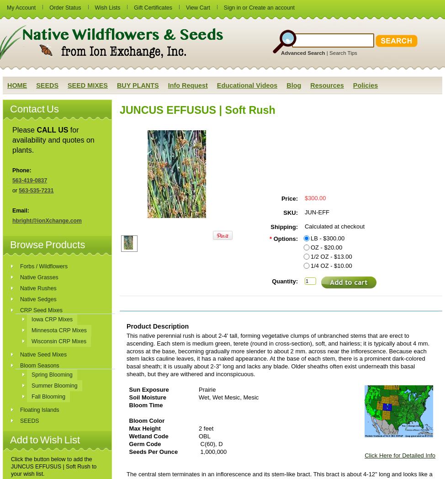  What do you see at coordinates (331, 266) in the screenshot?
I see `'1/4 OZ - $10.00'` at bounding box center [331, 266].